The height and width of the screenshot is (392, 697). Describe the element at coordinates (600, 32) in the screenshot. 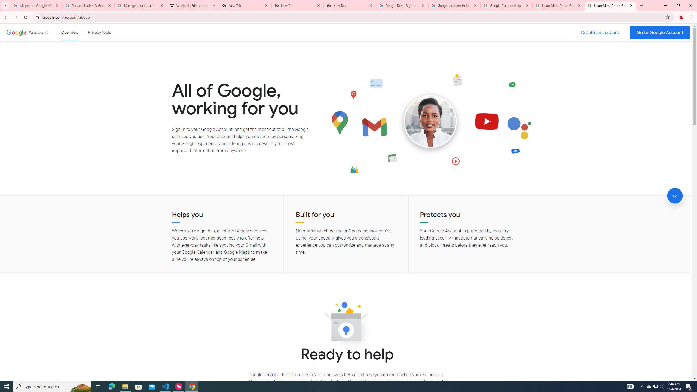

I see `'Create a Google Account'` at that location.